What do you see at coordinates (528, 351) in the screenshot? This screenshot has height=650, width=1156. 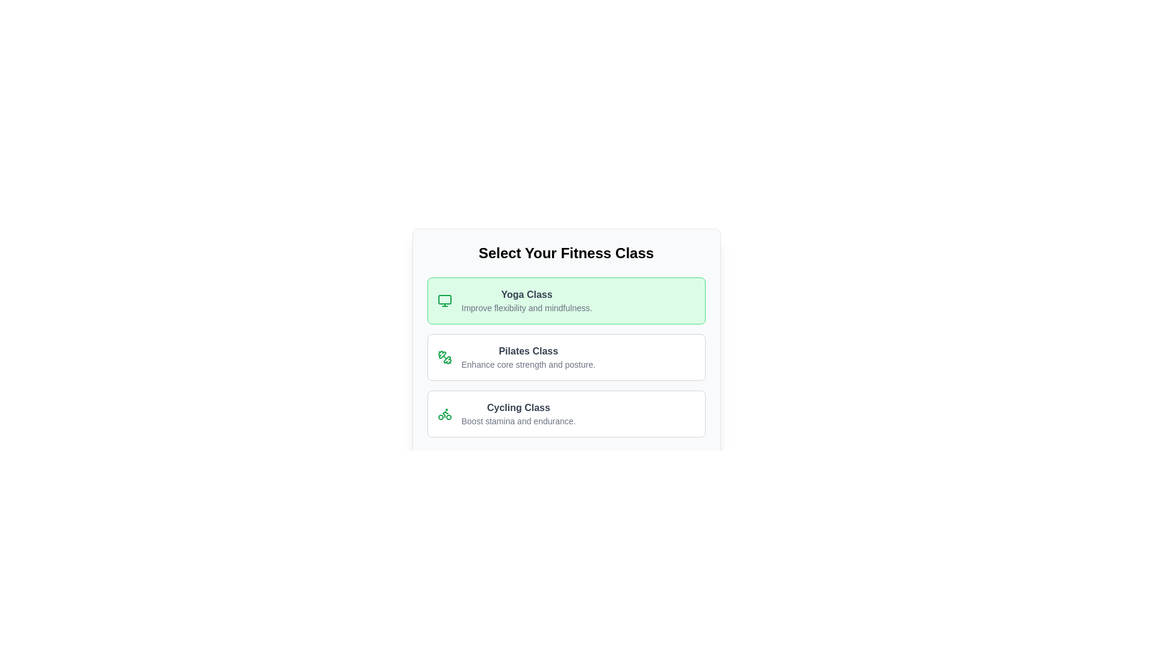 I see `text of the heading labeled 'Pilates Class', which is styled in bold dark gray and is located directly above the description text 'Enhance core strength and posture'` at bounding box center [528, 351].